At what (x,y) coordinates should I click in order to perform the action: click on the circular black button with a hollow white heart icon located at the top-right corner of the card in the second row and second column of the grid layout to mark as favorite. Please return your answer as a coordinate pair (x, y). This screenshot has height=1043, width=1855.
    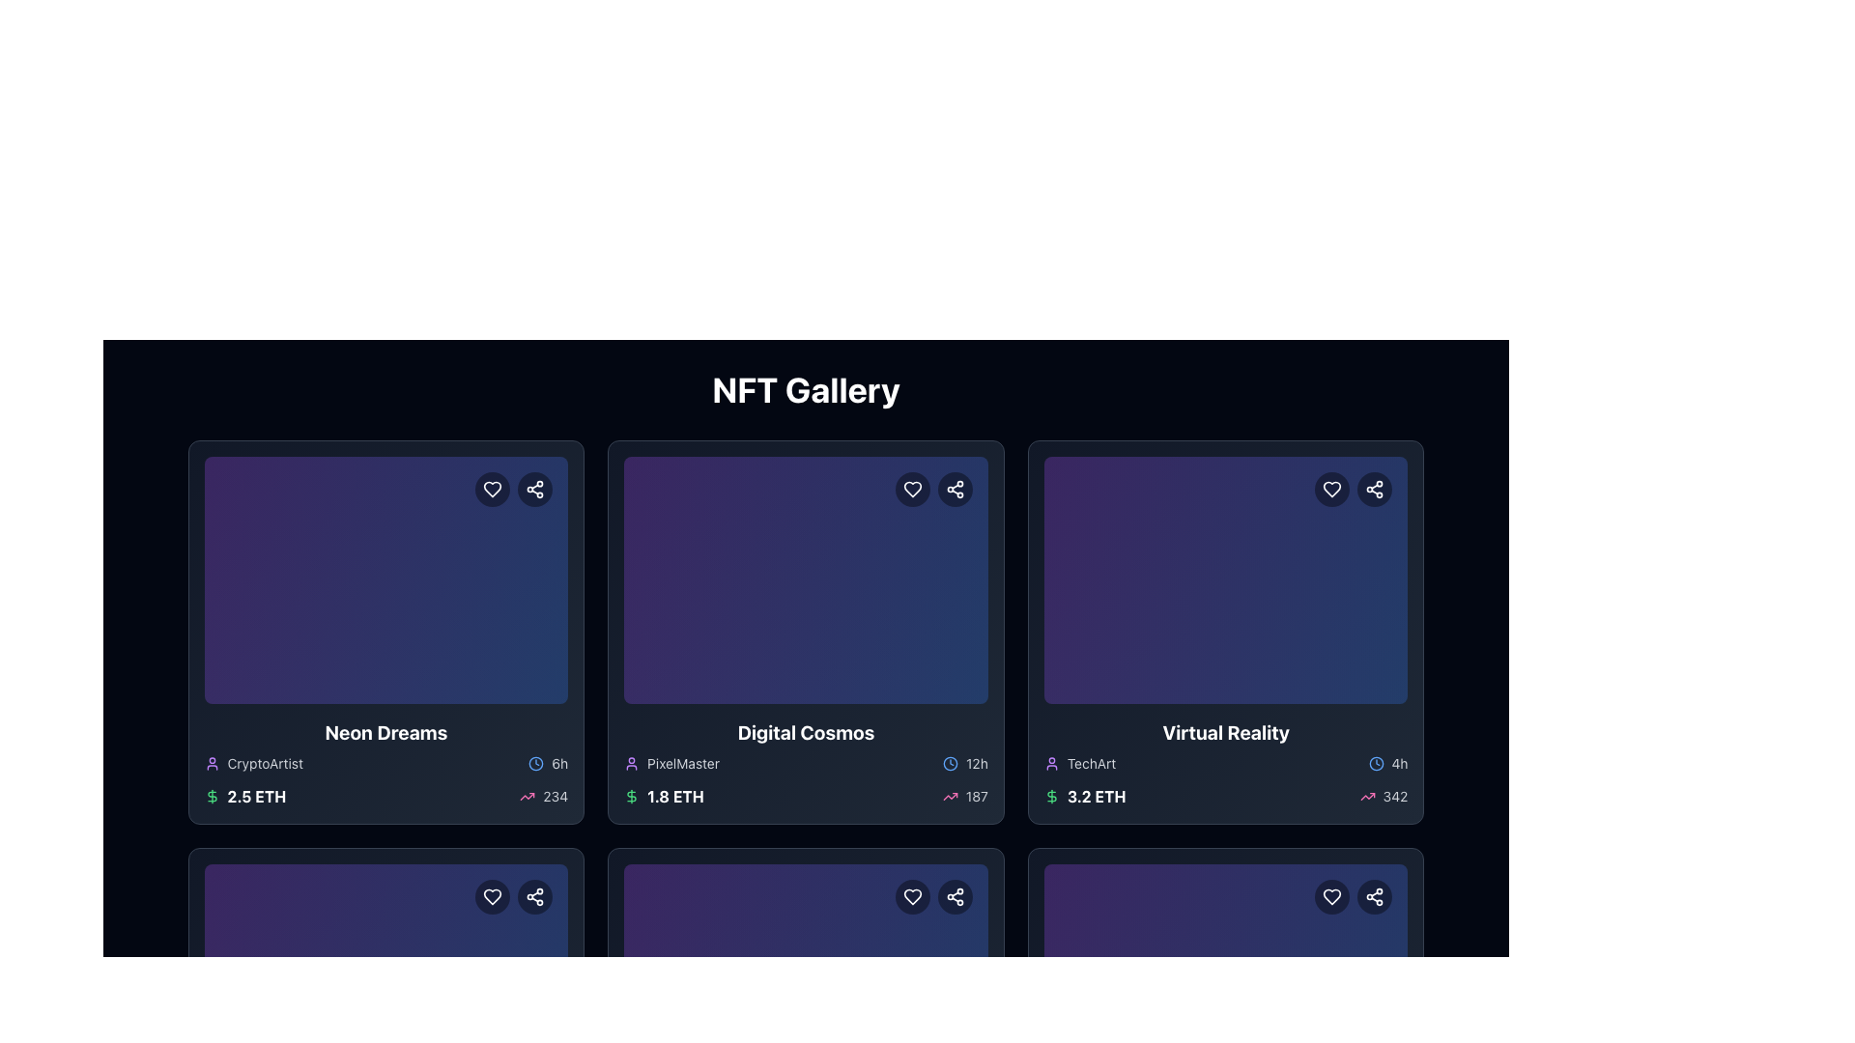
    Looking at the image, I should click on (911, 897).